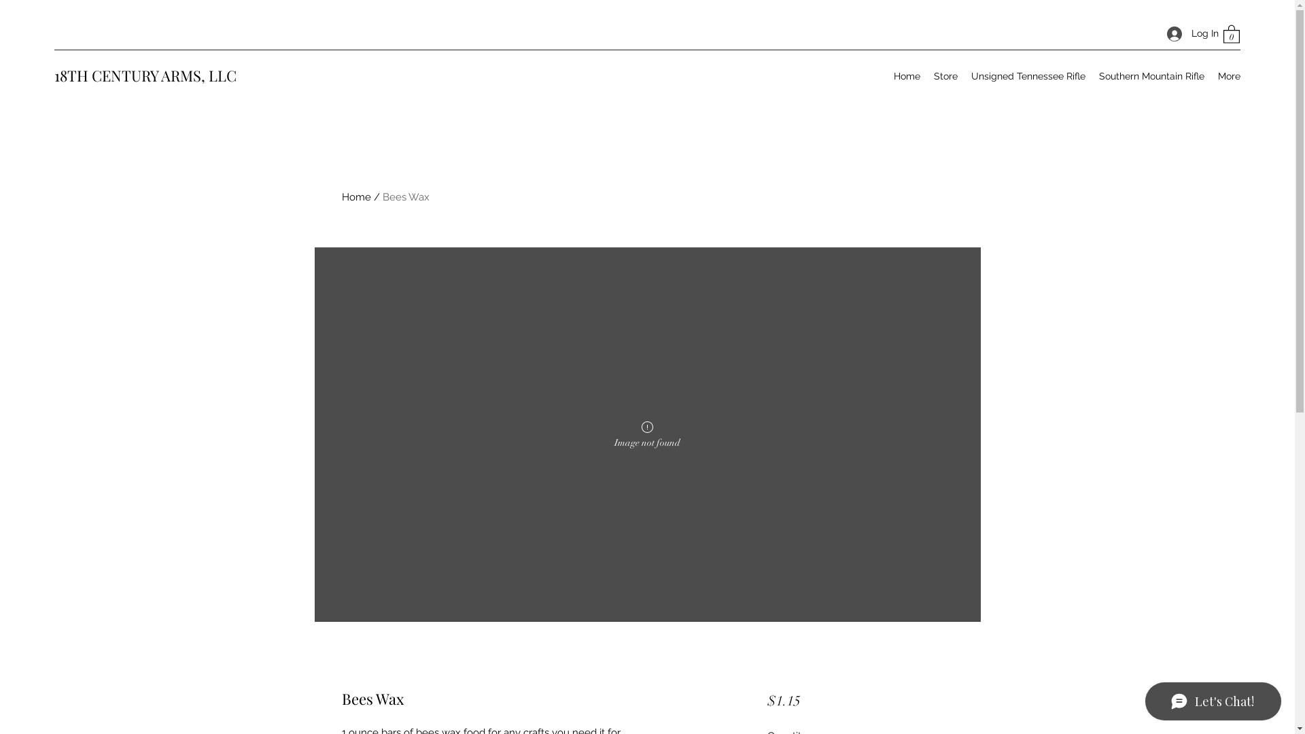  What do you see at coordinates (145, 75) in the screenshot?
I see `'18TH CENTURY ARMS, LLC'` at bounding box center [145, 75].